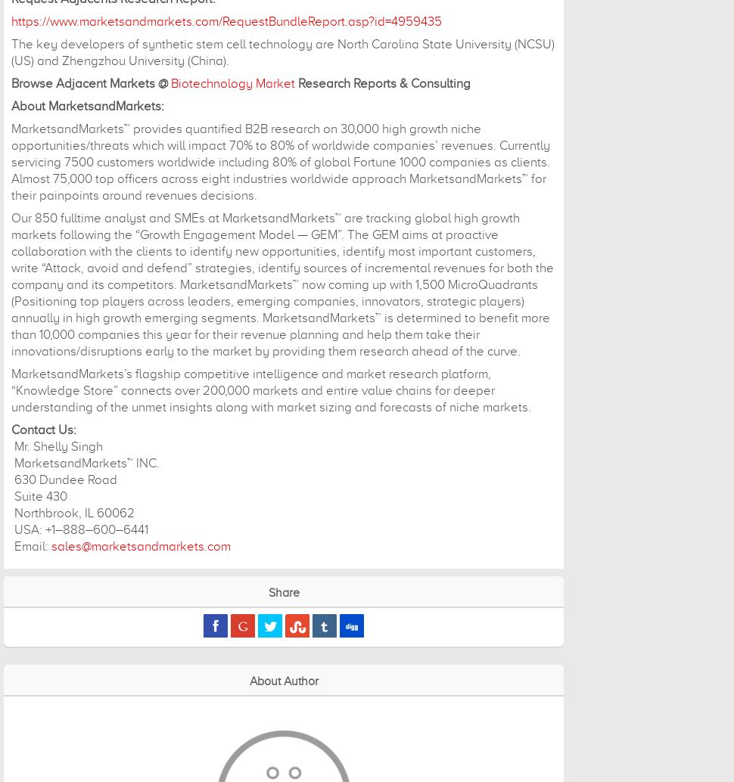  Describe the element at coordinates (91, 83) in the screenshot. I see `'Browse Adjacent Markets @'` at that location.